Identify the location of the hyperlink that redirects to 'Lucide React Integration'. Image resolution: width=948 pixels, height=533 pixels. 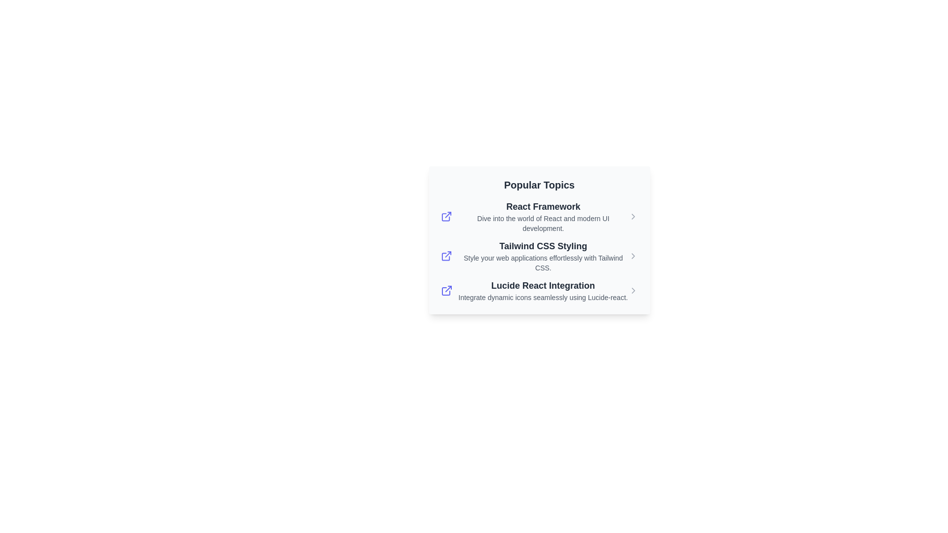
(543, 285).